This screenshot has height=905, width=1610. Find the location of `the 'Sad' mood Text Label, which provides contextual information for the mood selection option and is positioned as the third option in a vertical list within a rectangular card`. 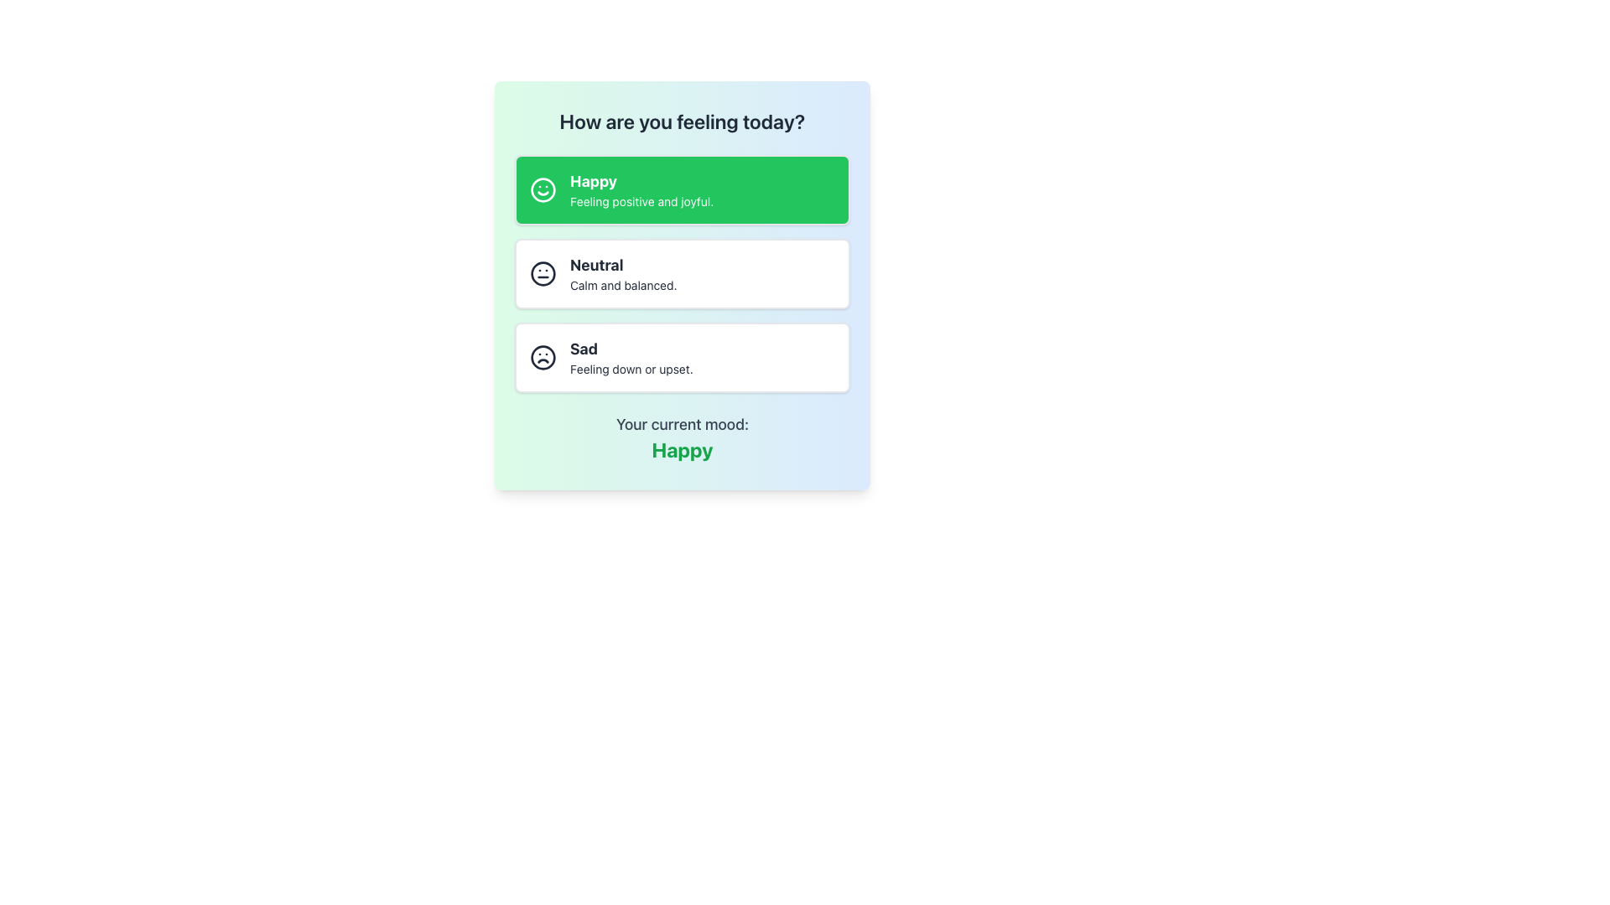

the 'Sad' mood Text Label, which provides contextual information for the mood selection option and is positioned as the third option in a vertical list within a rectangular card is located at coordinates (631, 357).